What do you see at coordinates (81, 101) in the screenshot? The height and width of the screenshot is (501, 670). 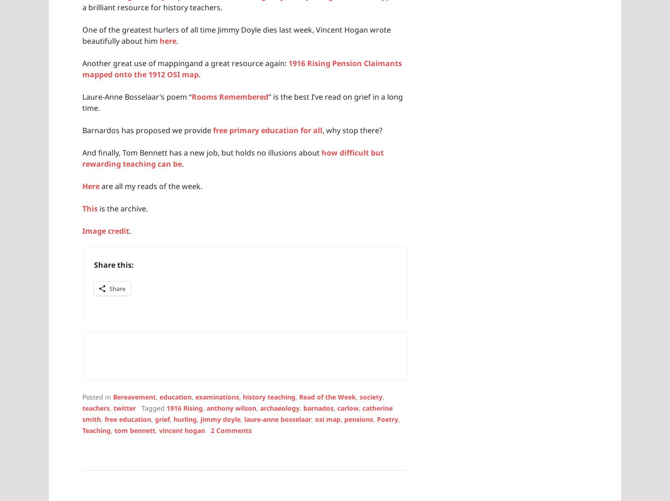 I see `'” is the best I’ve read on grief in a long time.'` at bounding box center [81, 101].